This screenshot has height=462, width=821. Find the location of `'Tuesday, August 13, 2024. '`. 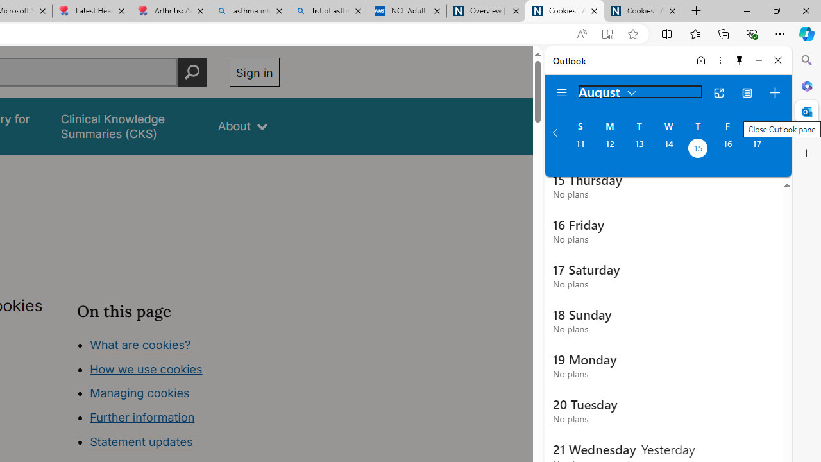

'Tuesday, August 13, 2024. ' is located at coordinates (639, 149).